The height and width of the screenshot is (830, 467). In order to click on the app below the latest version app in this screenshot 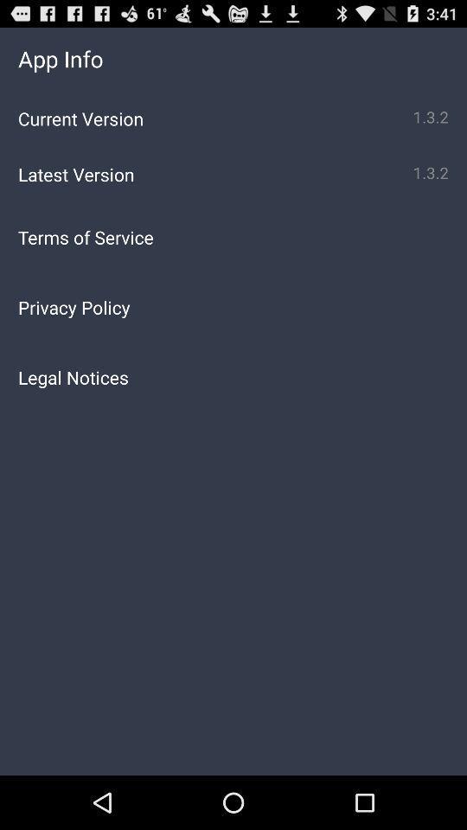, I will do `click(233, 236)`.